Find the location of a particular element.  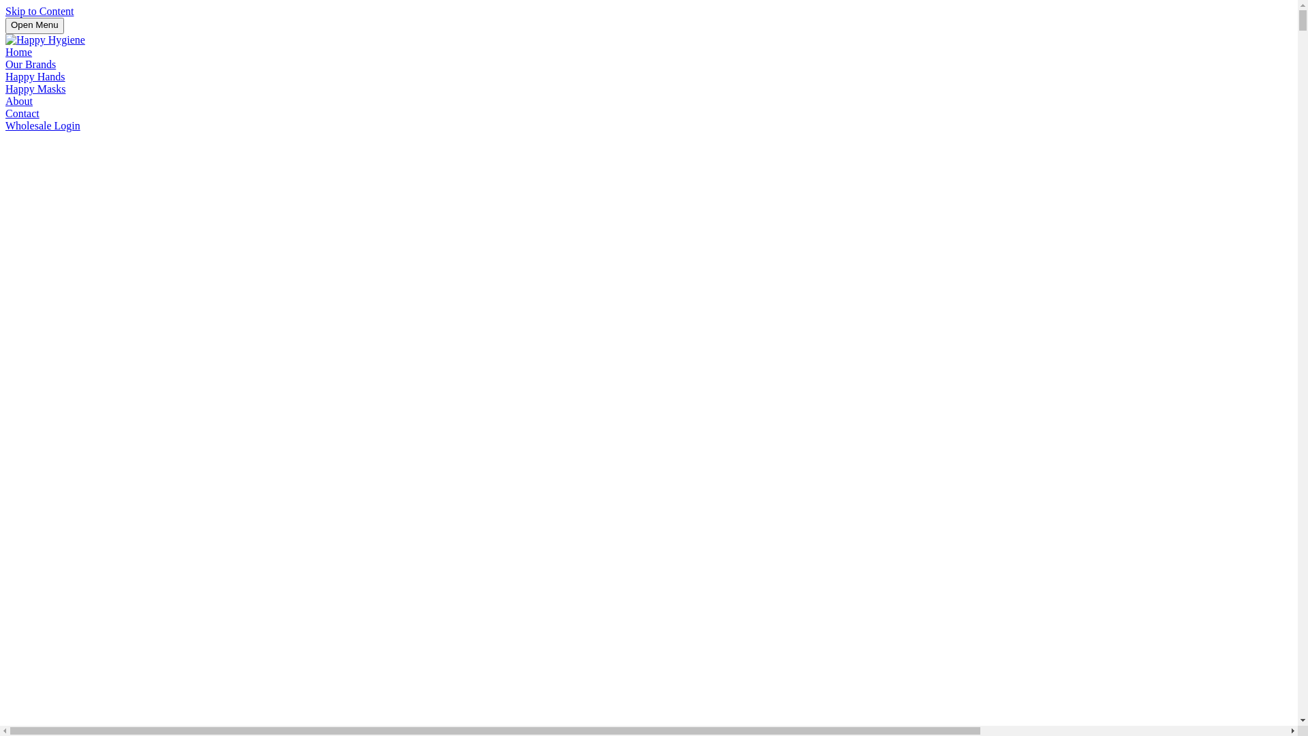

'Wholesale Login' is located at coordinates (42, 125).